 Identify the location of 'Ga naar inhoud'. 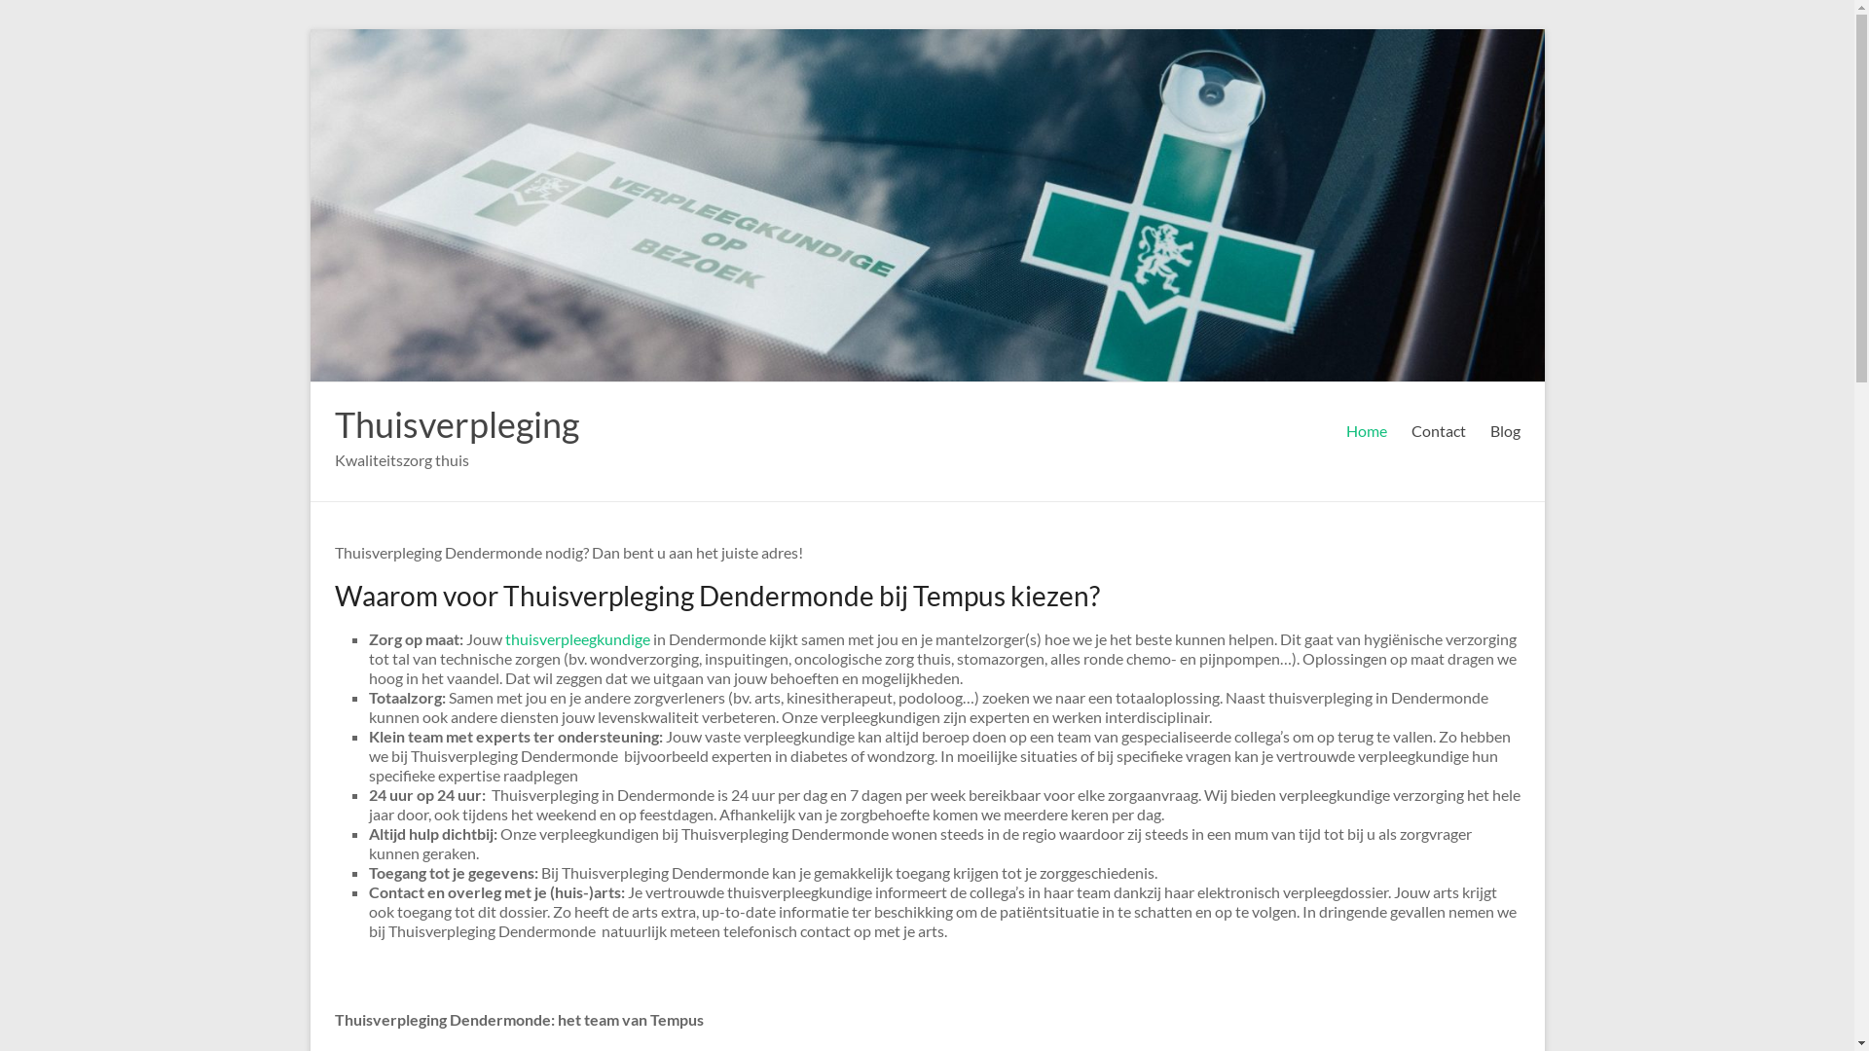
(309, 28).